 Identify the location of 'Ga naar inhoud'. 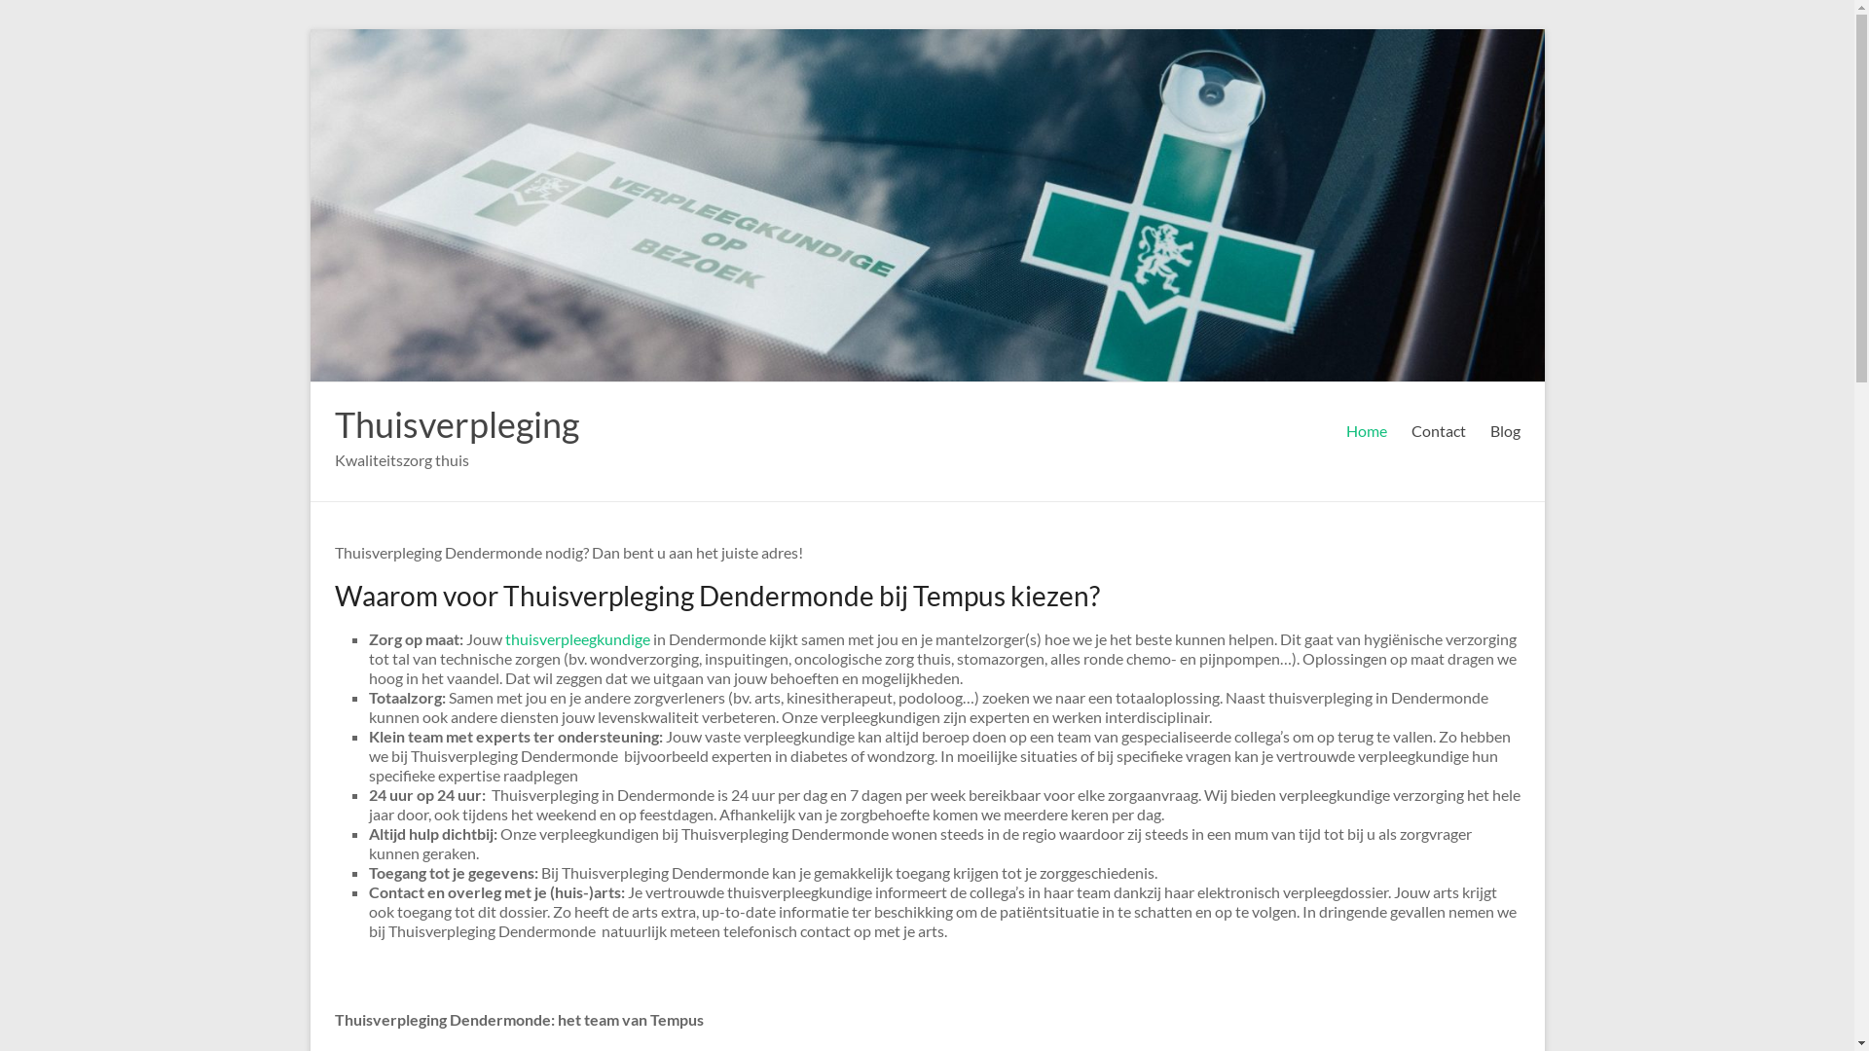
(309, 28).